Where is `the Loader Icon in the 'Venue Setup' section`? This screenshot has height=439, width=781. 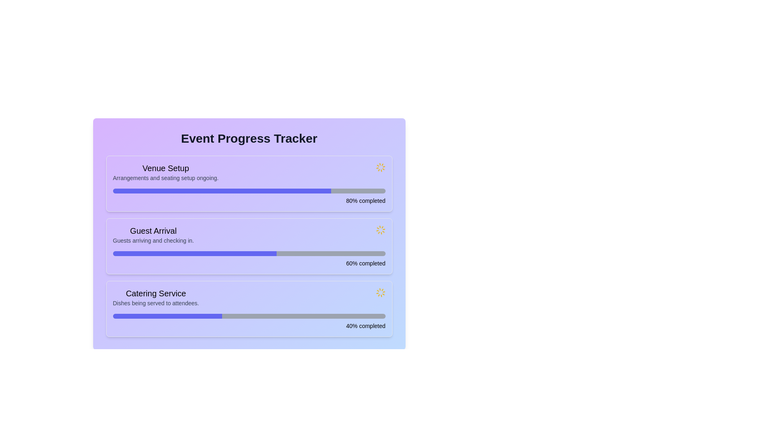 the Loader Icon in the 'Venue Setup' section is located at coordinates (380, 172).